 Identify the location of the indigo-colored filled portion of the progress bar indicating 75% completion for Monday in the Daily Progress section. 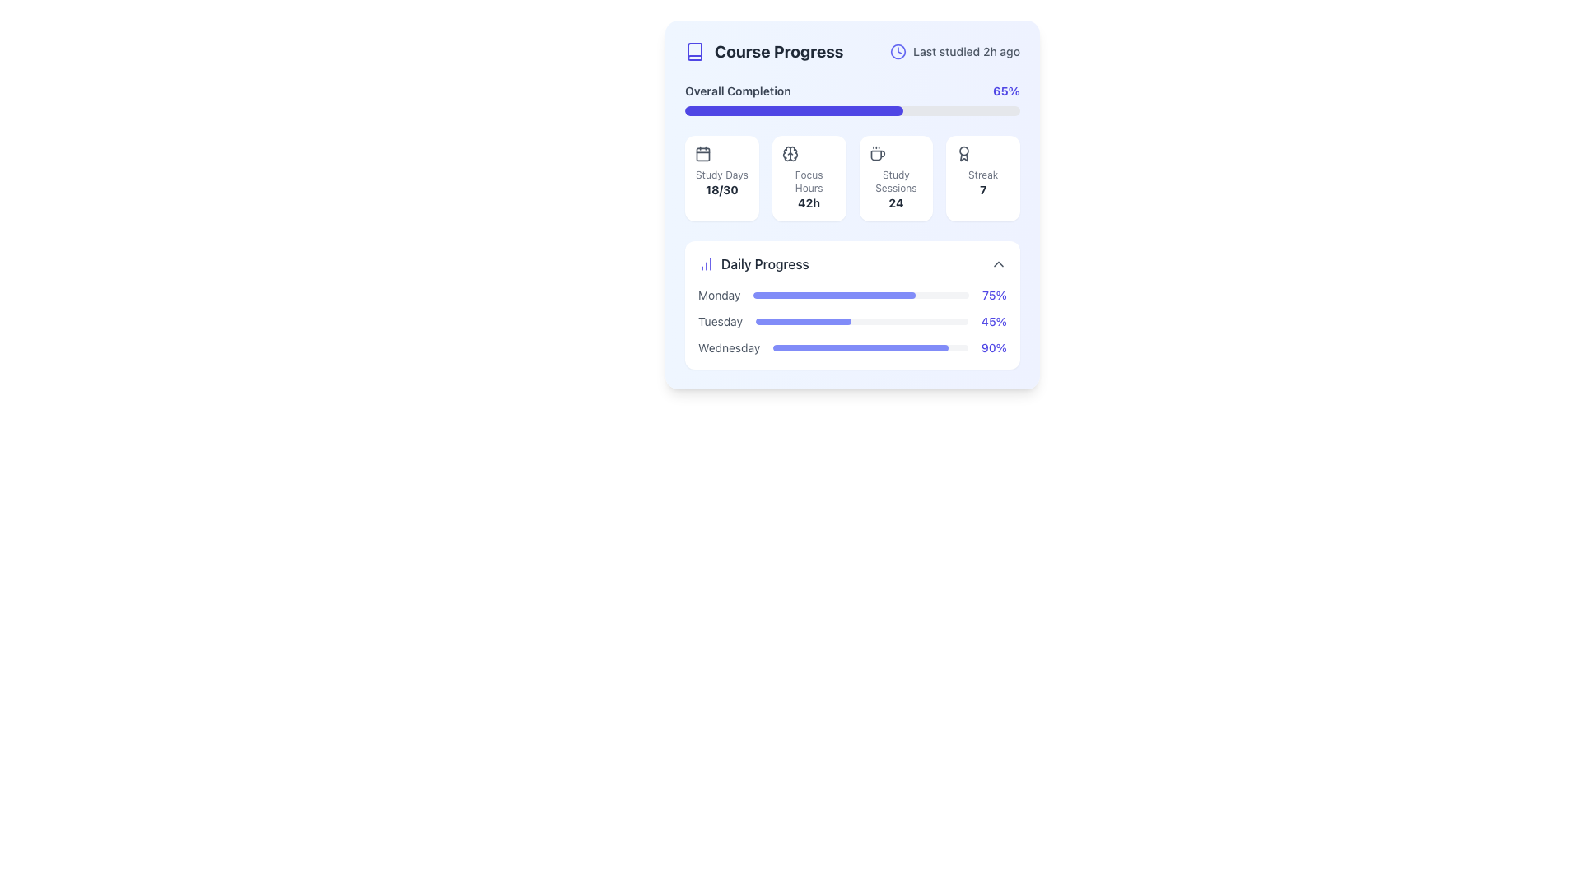
(834, 294).